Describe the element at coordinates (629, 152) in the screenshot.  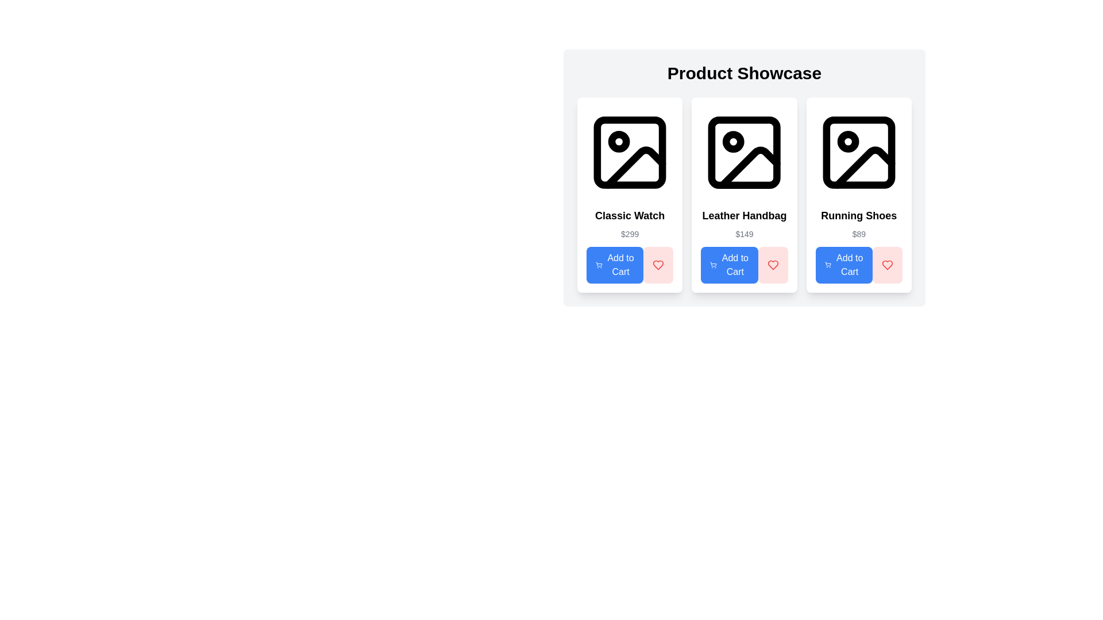
I see `the top-left rectangle within the product showcase that visually represents the 'Classic Watch'` at that location.